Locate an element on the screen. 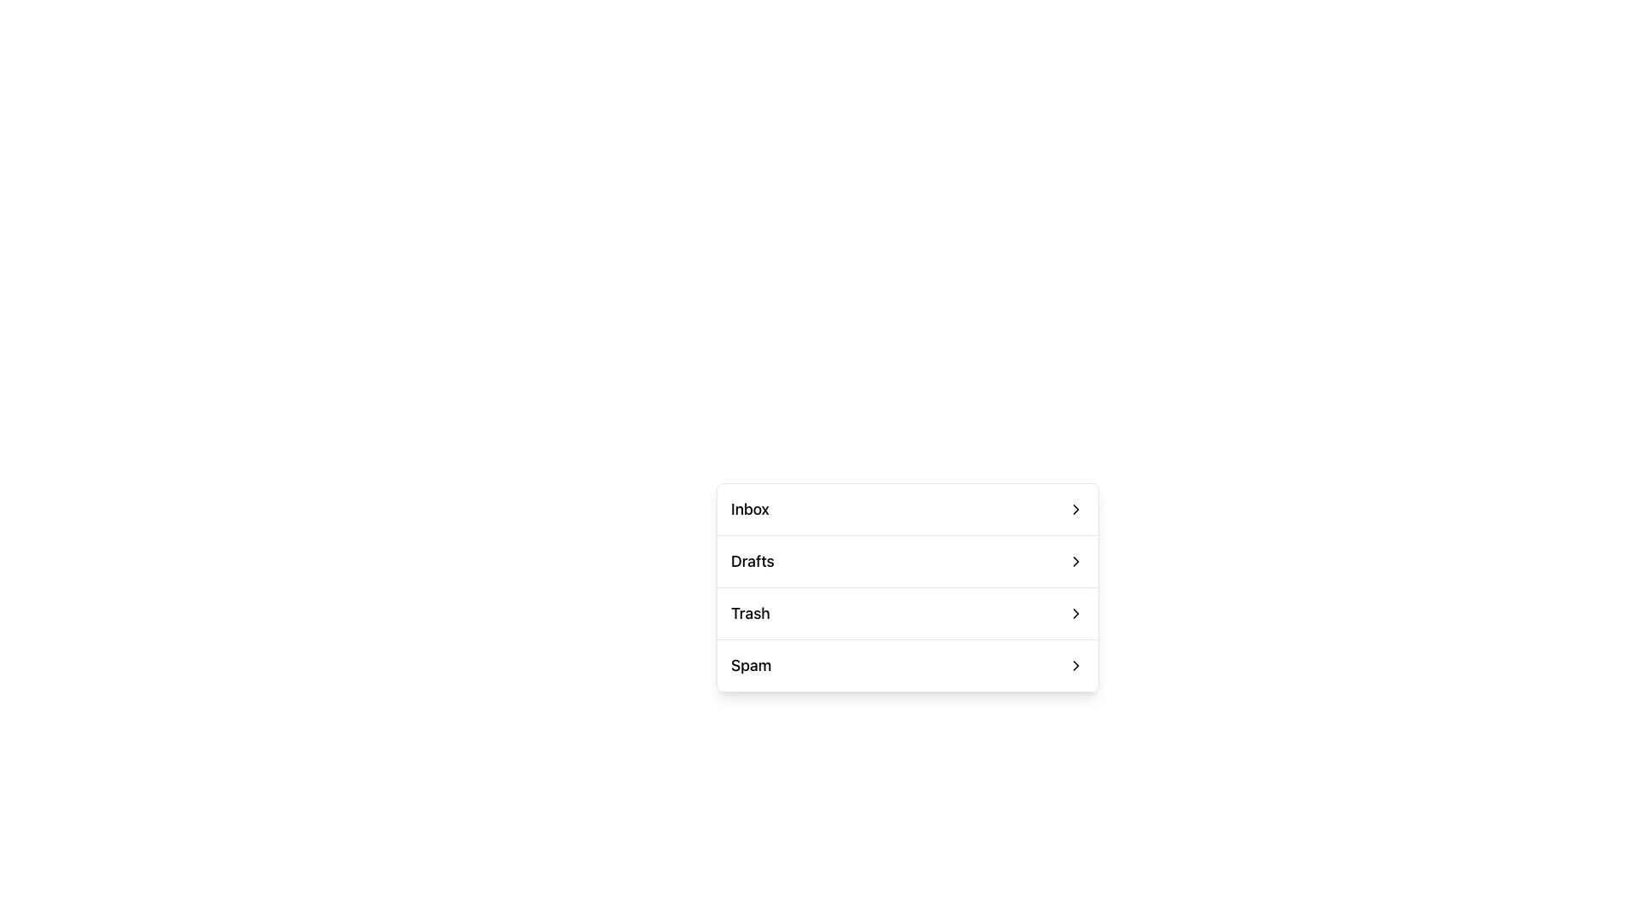 This screenshot has height=922, width=1640. the 'Trash' button, which is the third item in a vertical list, positioned between 'Drafts' and 'Spam' is located at coordinates (906, 612).